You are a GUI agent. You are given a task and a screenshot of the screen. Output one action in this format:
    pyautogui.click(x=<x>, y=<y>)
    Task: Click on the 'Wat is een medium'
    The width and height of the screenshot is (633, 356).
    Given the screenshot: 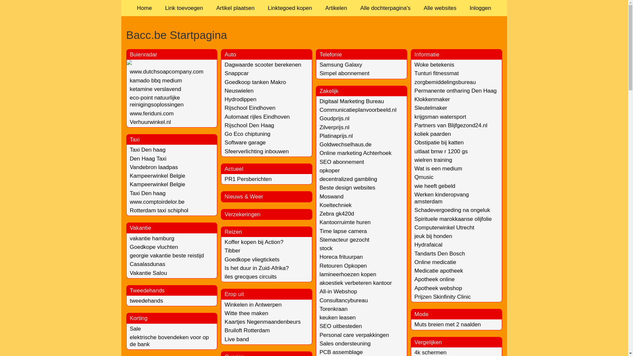 What is the action you would take?
    pyautogui.click(x=438, y=168)
    